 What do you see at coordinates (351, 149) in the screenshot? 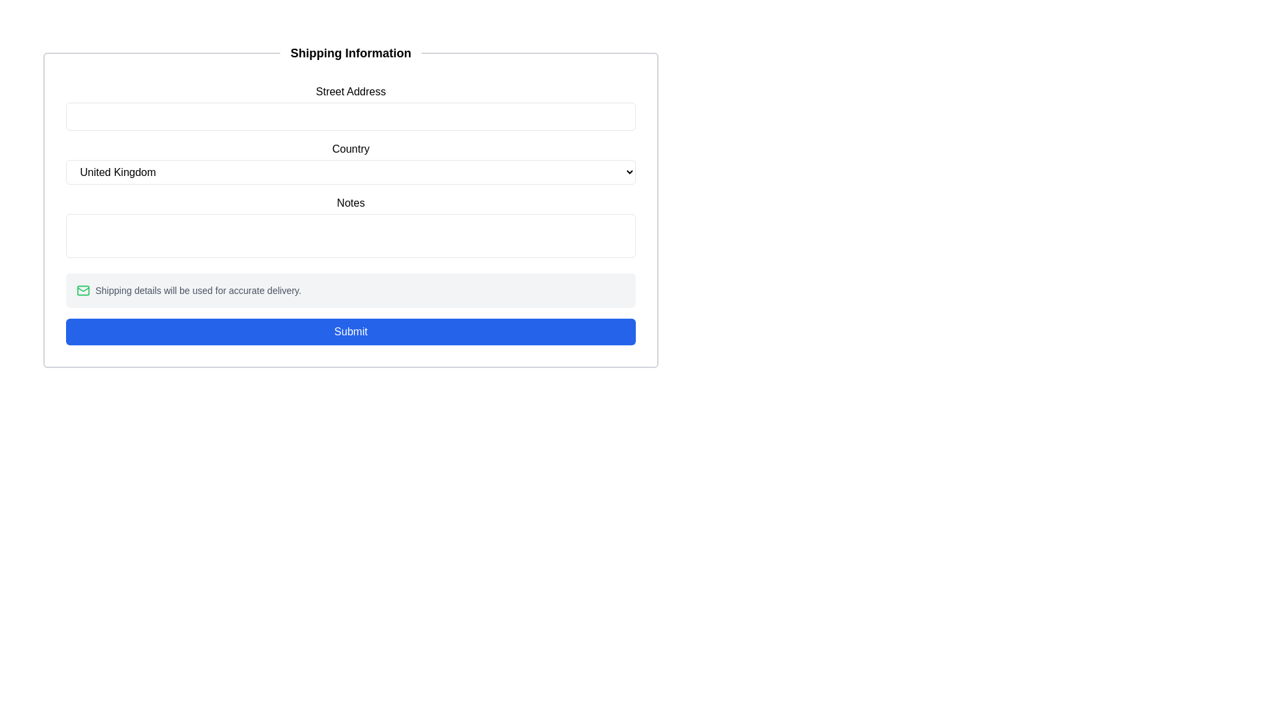
I see `the text label that indicates the purpose of the dropdown menu for selecting a country, positioned directly above the 'United Kingdom' dropdown` at bounding box center [351, 149].